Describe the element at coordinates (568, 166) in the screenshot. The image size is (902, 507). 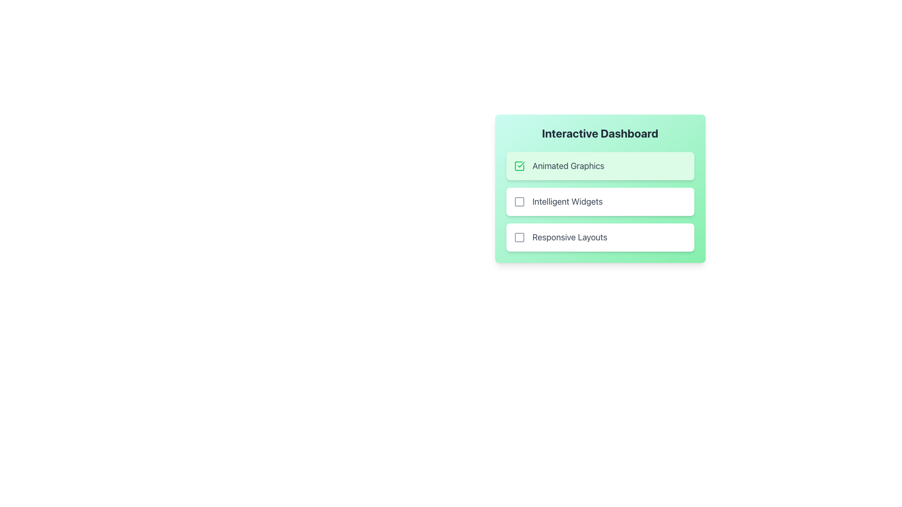
I see `the Static Text Label for 'Animated Graphics' located at the top of the list in the 'Interactive Dashboard' panel` at that location.